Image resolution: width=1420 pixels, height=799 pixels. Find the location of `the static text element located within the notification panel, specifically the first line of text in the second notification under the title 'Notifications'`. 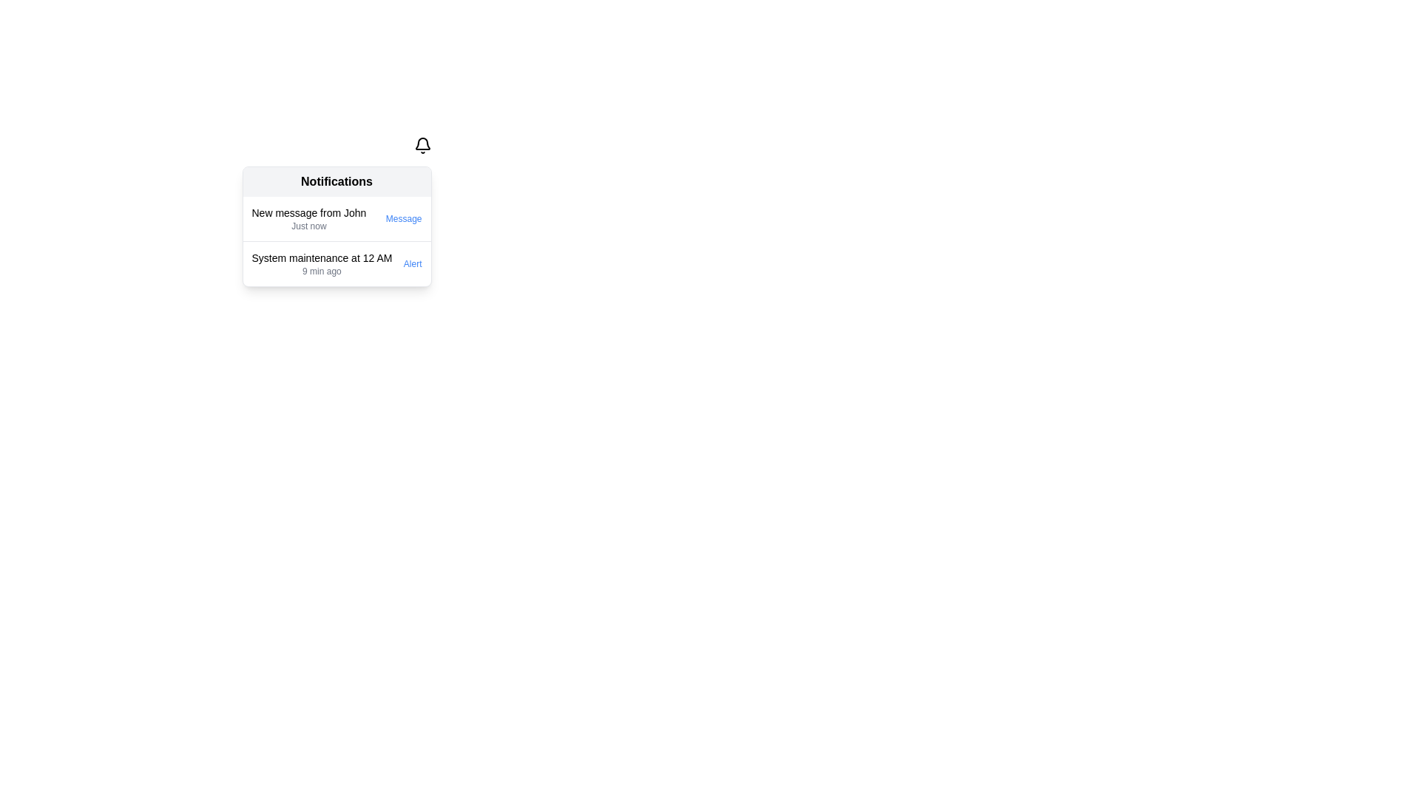

the static text element located within the notification panel, specifically the first line of text in the second notification under the title 'Notifications' is located at coordinates (321, 257).